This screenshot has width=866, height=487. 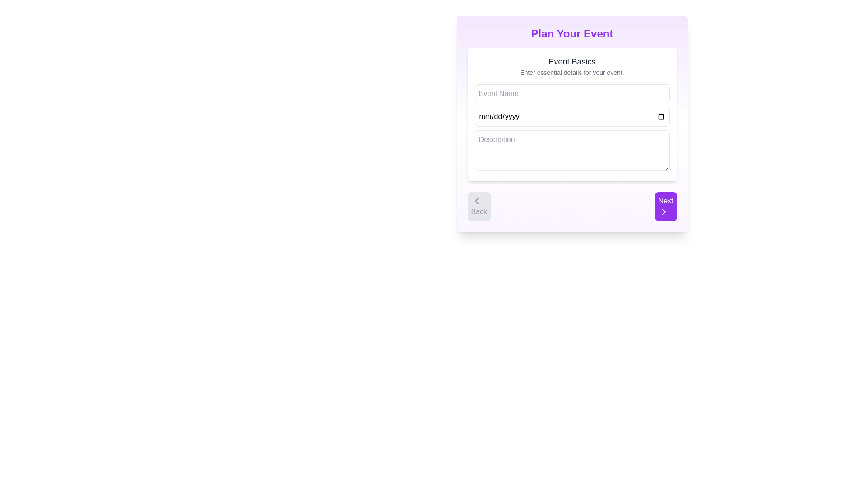 I want to click on the 'Event Basics' text label which is positioned at the top of the 'Plan Your Event' card layout, displaying in bold dark gray font, so click(x=571, y=61).